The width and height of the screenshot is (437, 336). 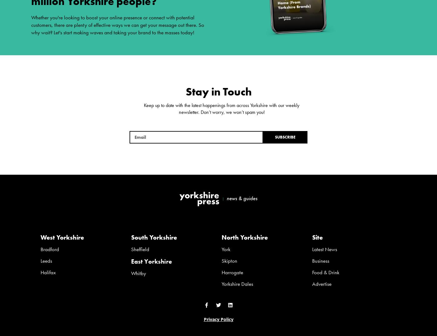 I want to click on 'Privacy Policy', so click(x=218, y=319).